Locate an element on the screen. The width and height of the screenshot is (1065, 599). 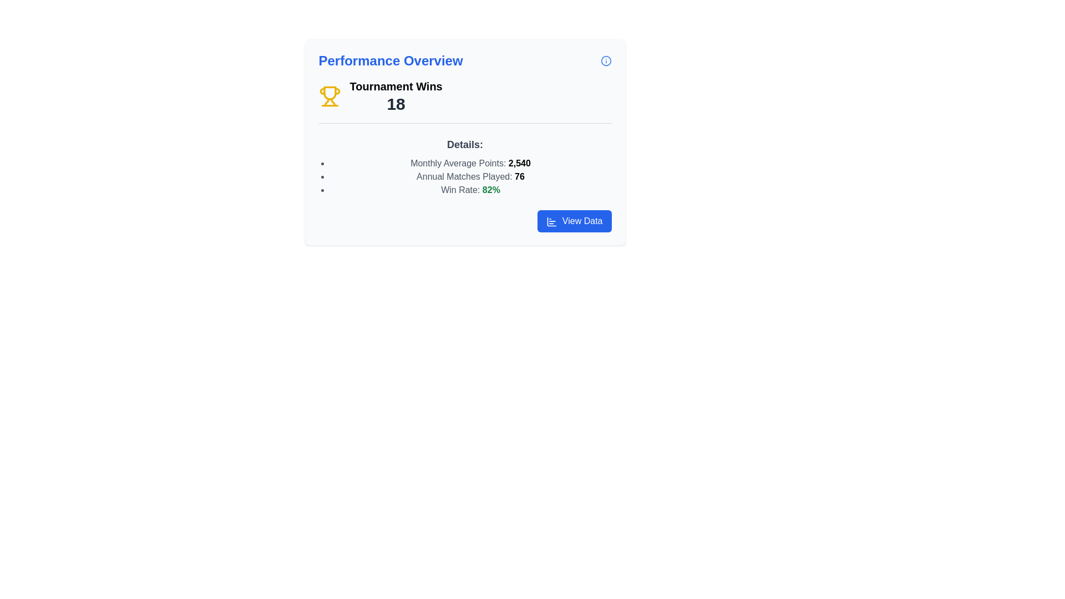
performance statistics displayed in the Textual Information Display, which is located in a white rounded-corner card below the 'Tournament Wins' section is located at coordinates (465, 166).